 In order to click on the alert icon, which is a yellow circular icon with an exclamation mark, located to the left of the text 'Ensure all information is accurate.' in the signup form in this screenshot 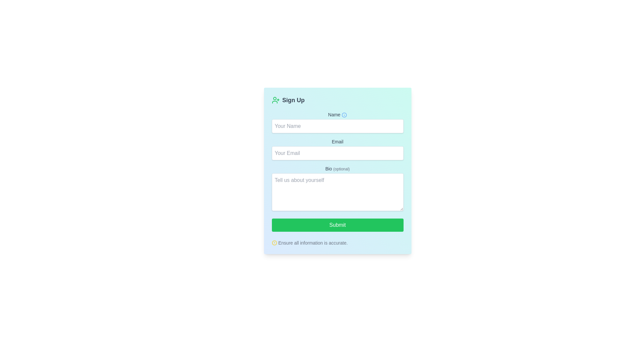, I will do `click(274, 243)`.